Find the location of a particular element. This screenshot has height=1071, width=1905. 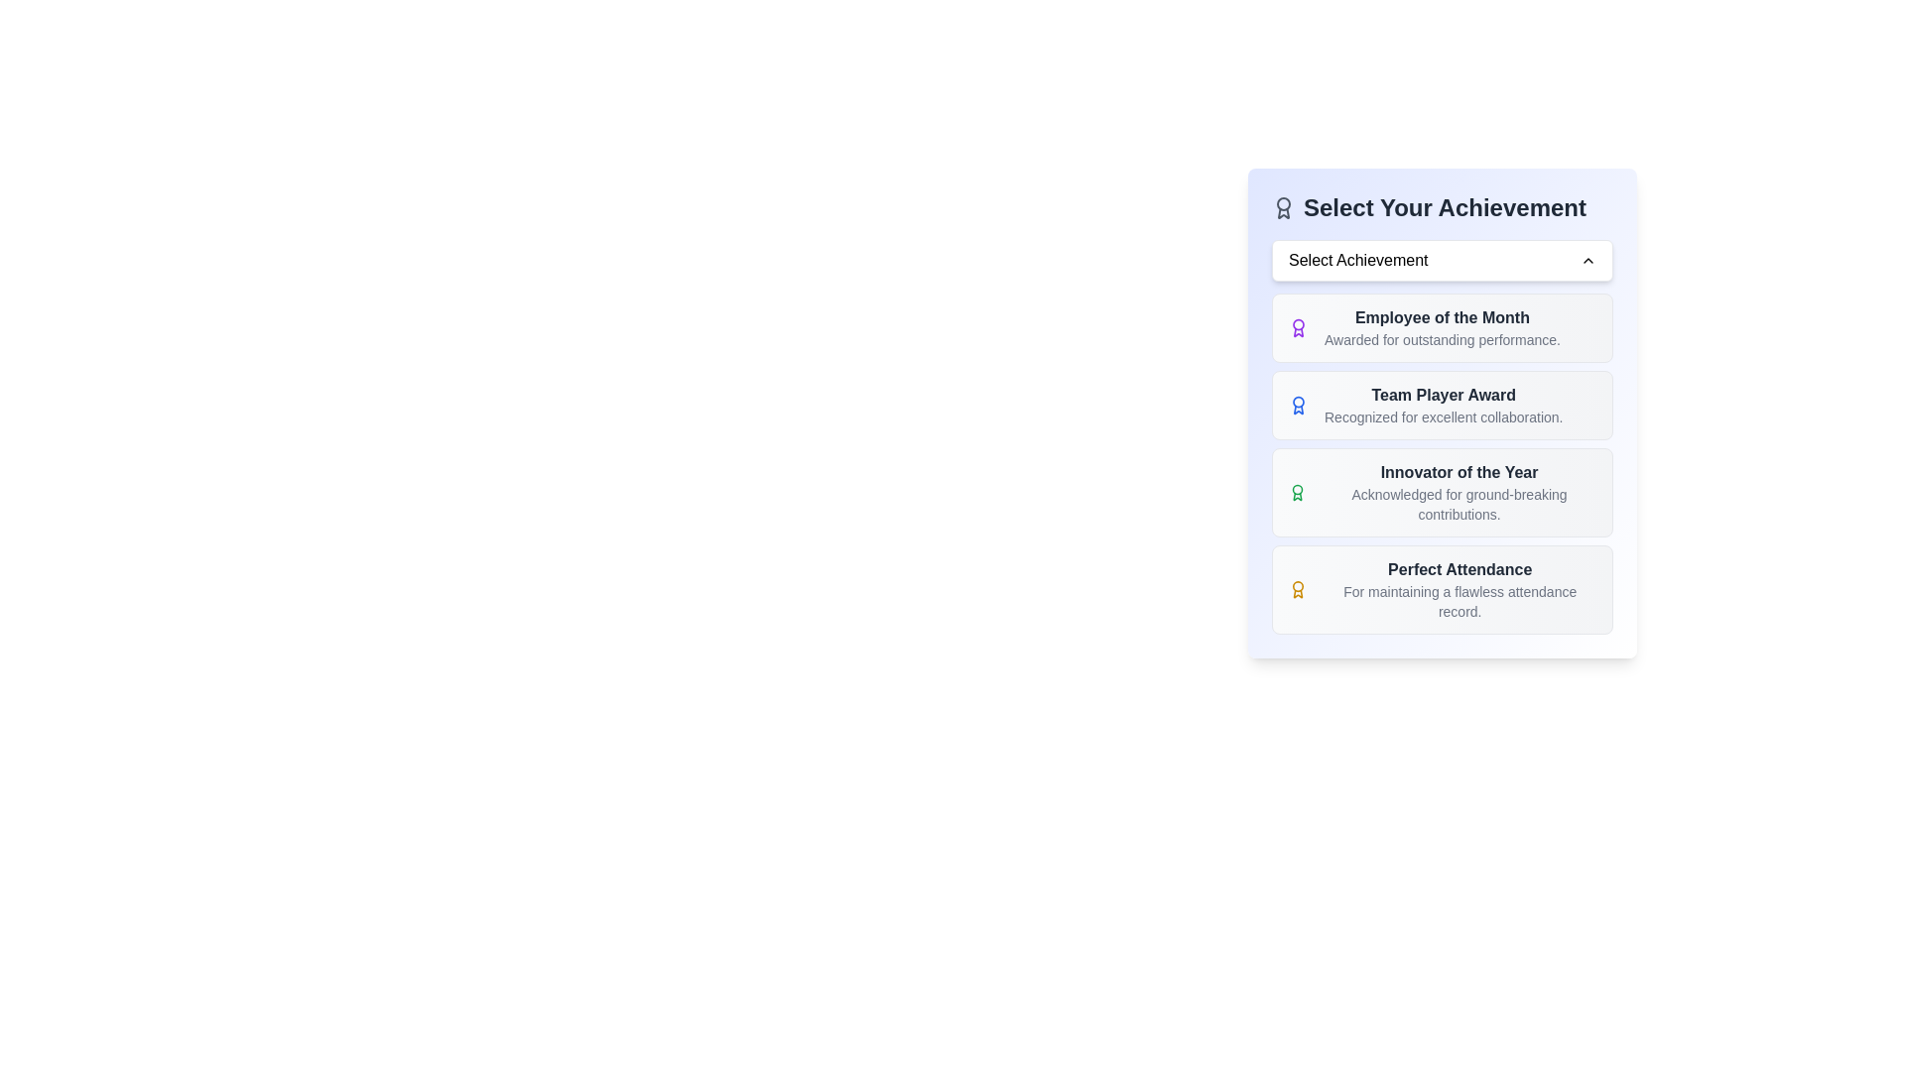

the static text label providing a descriptive subtitle for the 'Team Player Award', located beneath the bold title in the achievement options list is located at coordinates (1444, 416).